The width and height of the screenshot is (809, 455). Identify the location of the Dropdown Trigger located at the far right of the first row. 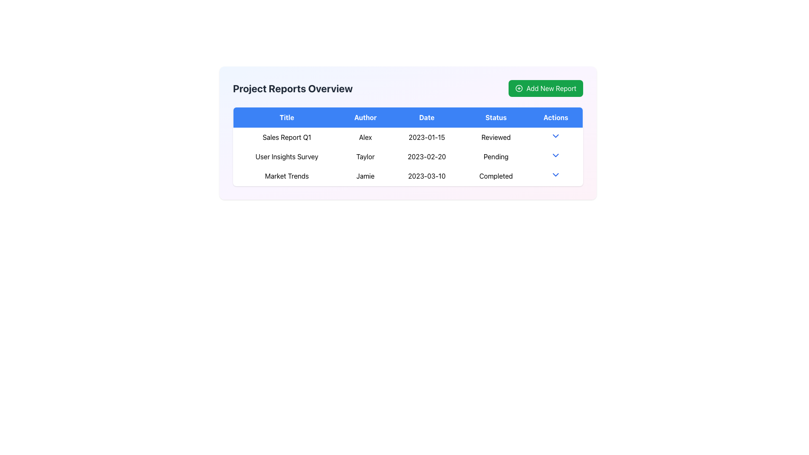
(556, 137).